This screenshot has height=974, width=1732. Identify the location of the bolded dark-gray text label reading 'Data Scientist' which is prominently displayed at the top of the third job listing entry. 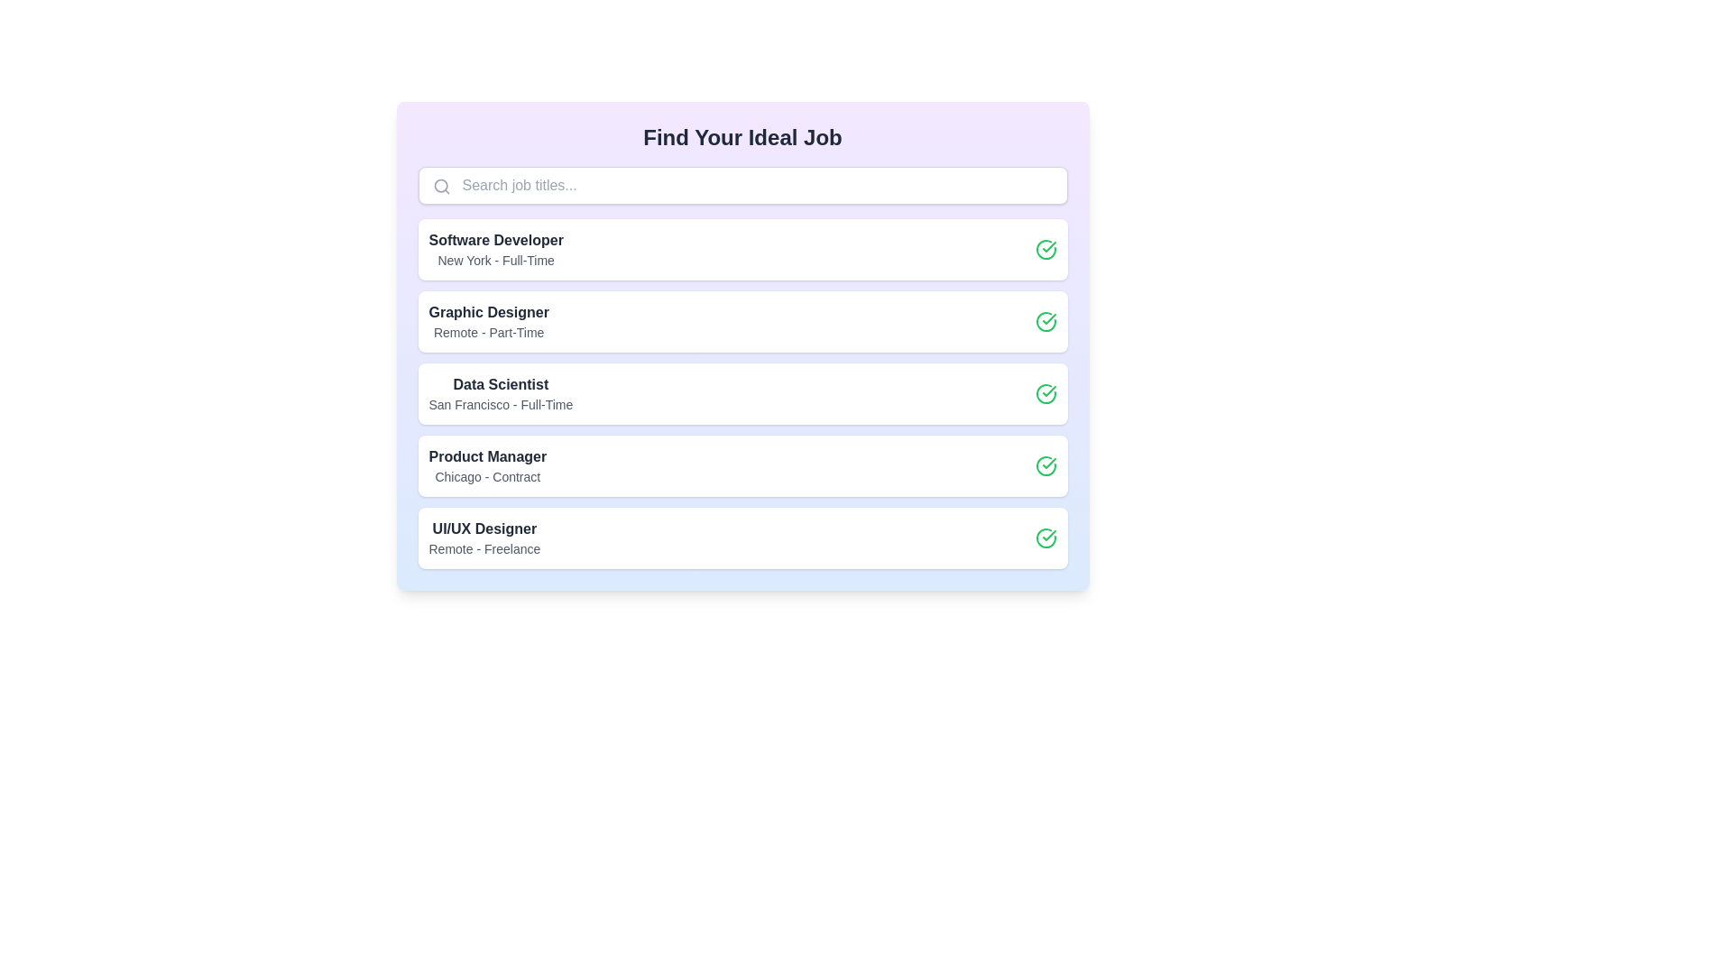
(501, 384).